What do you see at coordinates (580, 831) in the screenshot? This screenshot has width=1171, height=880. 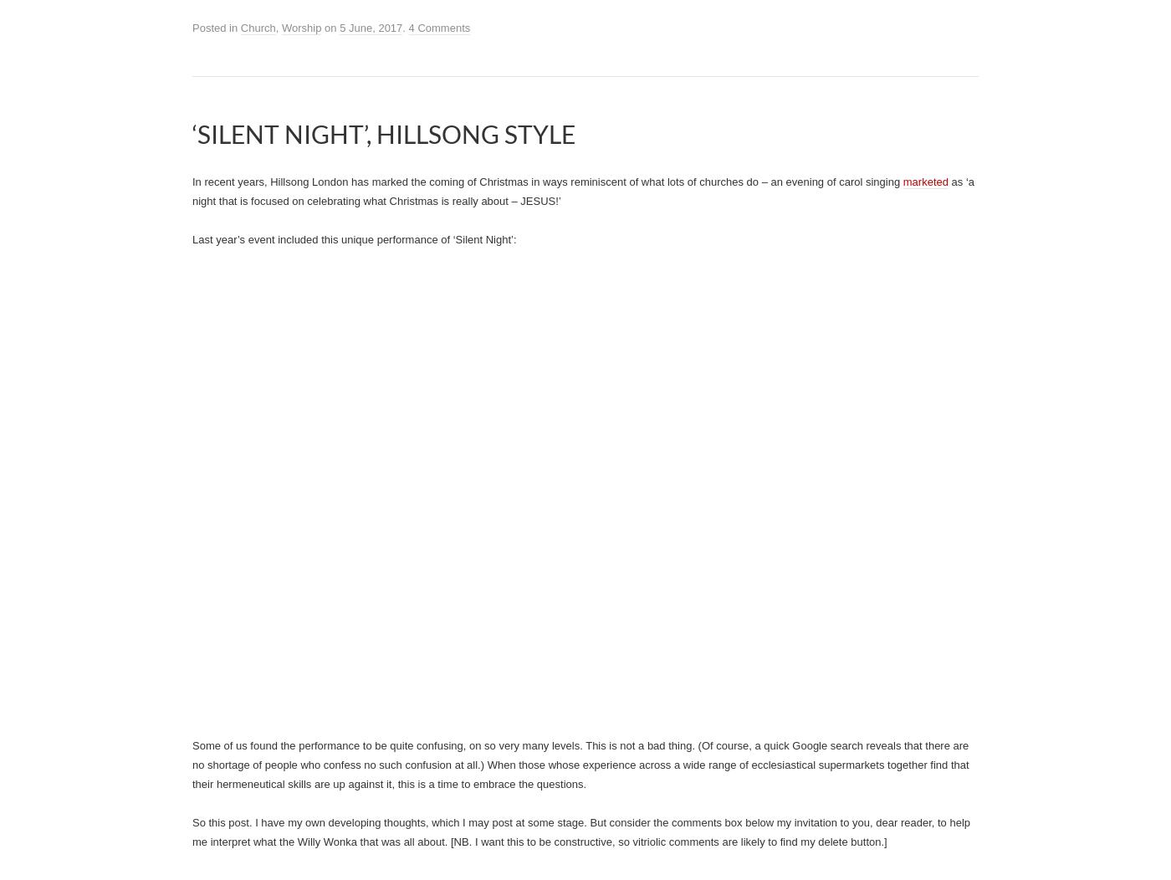 I see `'So this post. I have my own developing thoughts, which I may post at some stage. But consider the comments box below my invitation to you, dear reader, to help me interpret what the Willy Wonka that was all about. [NB. I want this to be constructive, so vitriolic comments are likely to find my delete button.]'` at bounding box center [580, 831].